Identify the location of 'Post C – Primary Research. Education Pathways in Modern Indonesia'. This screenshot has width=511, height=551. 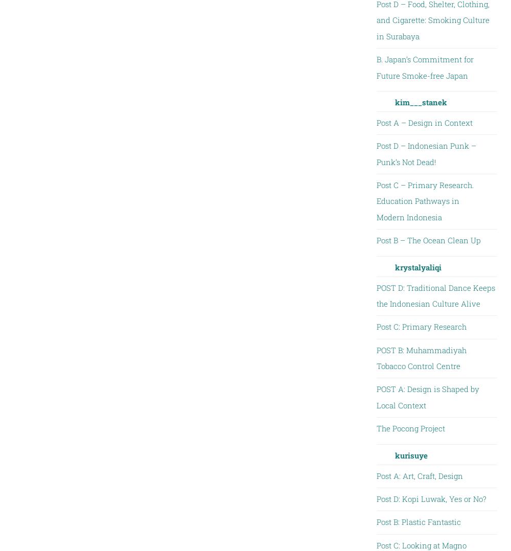
(424, 200).